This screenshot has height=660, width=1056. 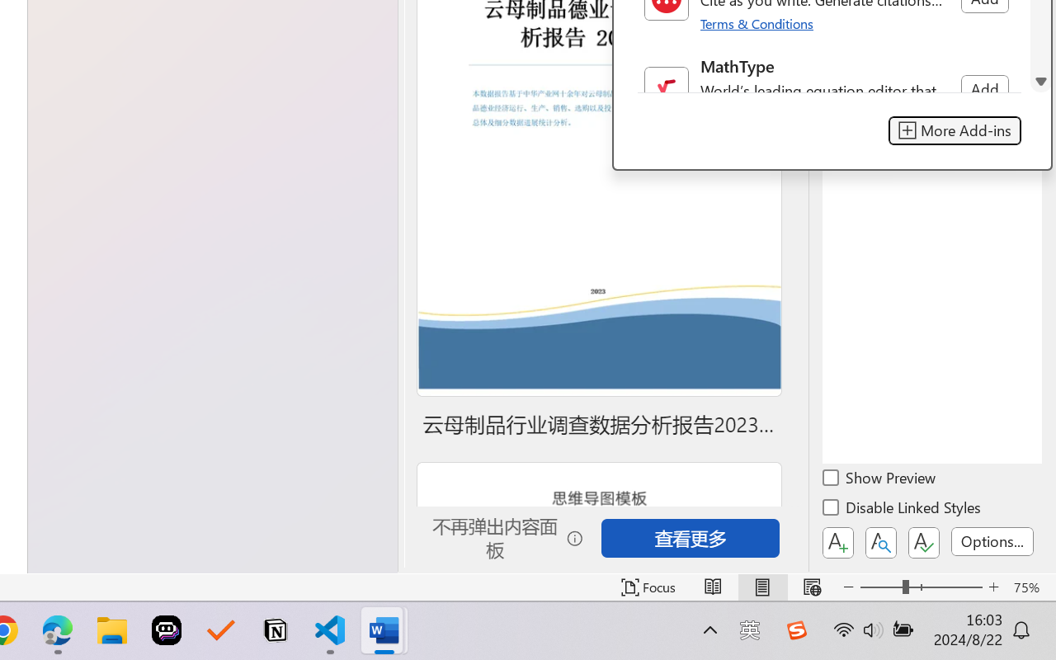 What do you see at coordinates (992, 540) in the screenshot?
I see `'Options...'` at bounding box center [992, 540].